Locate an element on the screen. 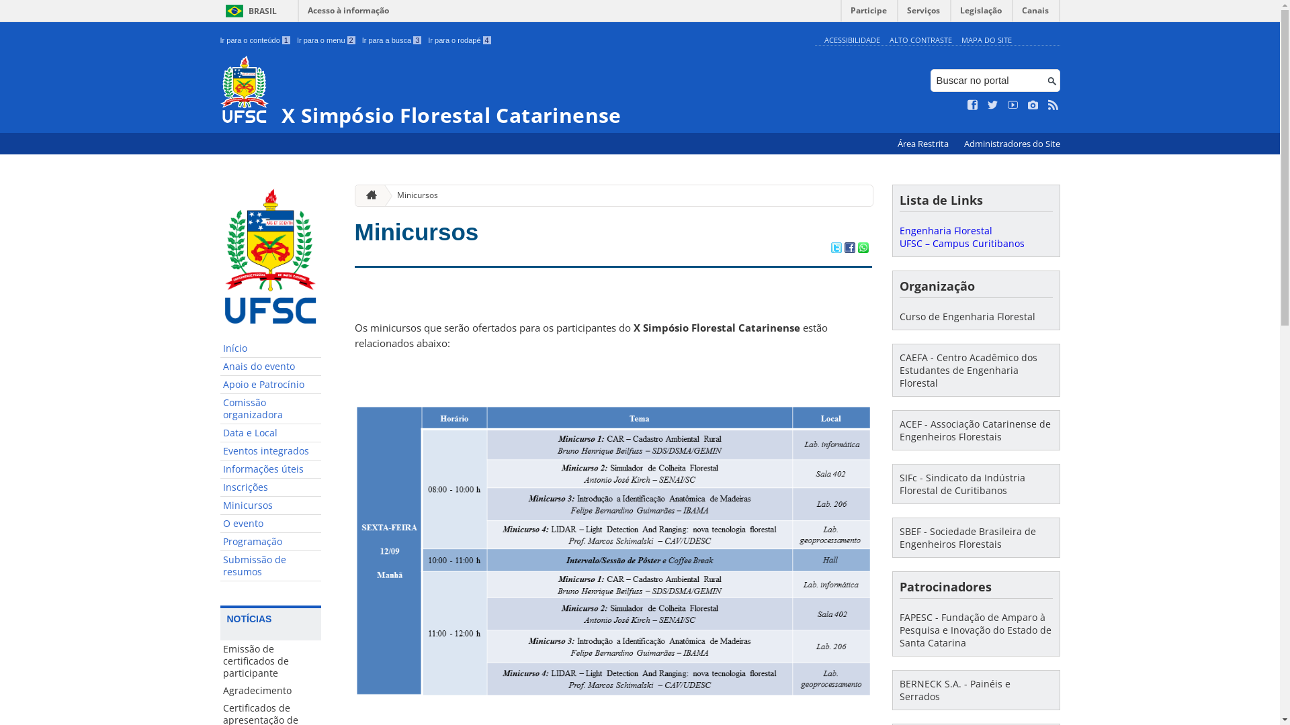 The image size is (1290, 725). 'Canais' is located at coordinates (1013, 13).